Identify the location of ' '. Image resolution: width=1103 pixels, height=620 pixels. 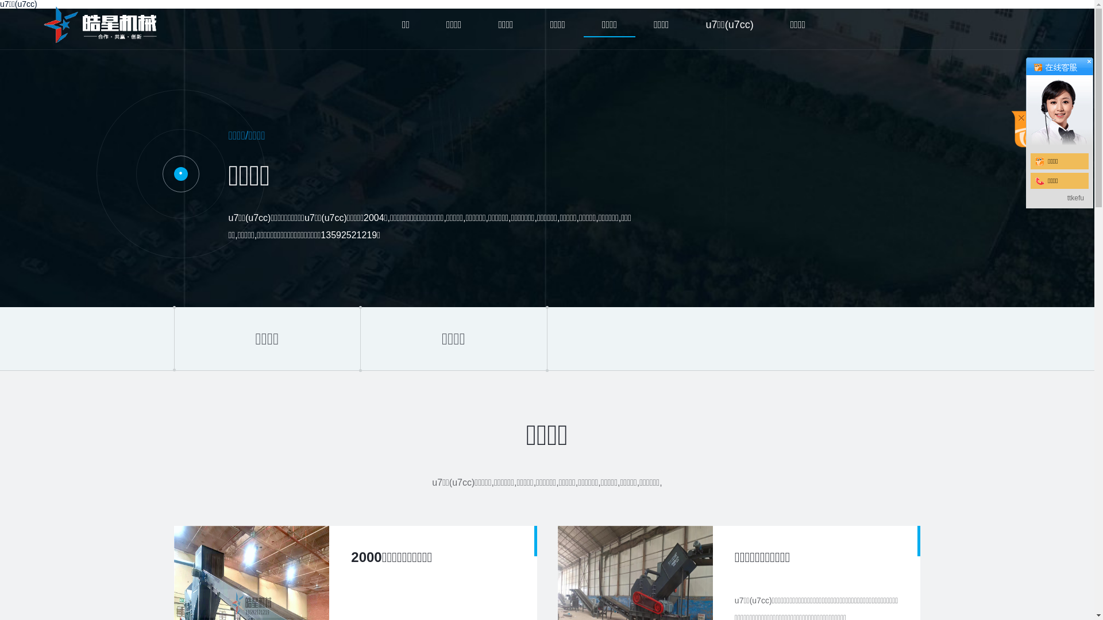
(1025, 100).